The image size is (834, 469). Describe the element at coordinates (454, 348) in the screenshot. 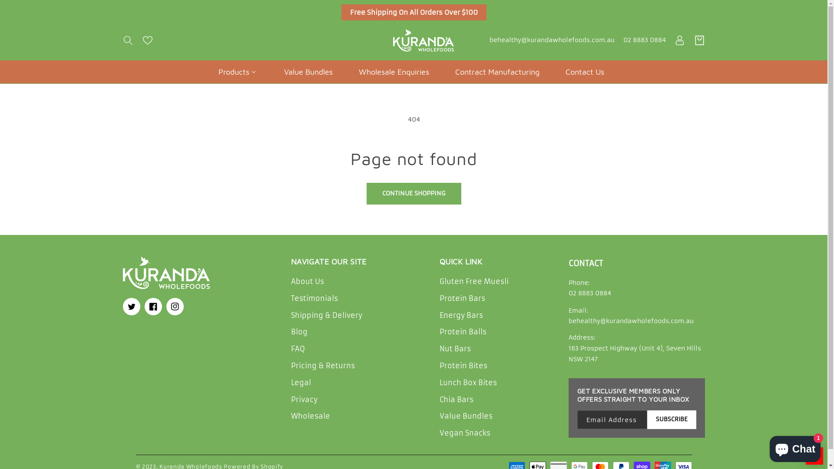

I see `'Nut Bars'` at that location.